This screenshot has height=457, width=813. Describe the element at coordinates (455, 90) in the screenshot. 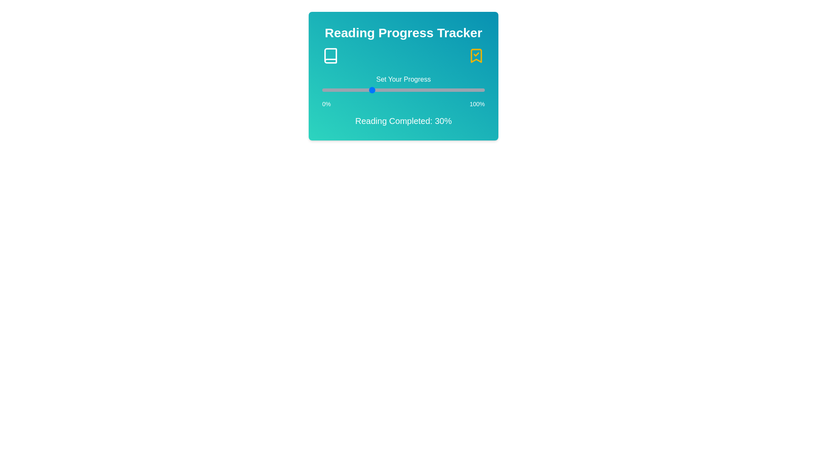

I see `the reading progress slider to 82%` at that location.